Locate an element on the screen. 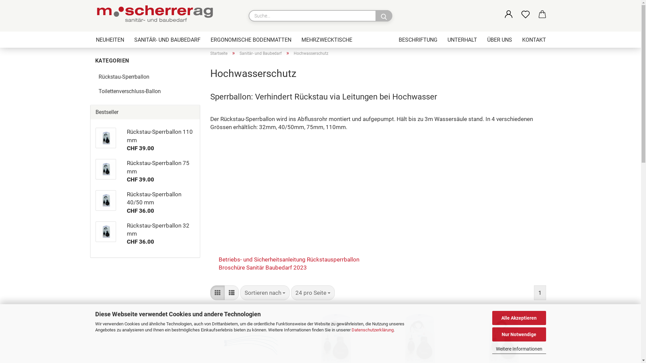 This screenshot has height=363, width=646. 'MEHRZWECKTISCHE' is located at coordinates (326, 40).